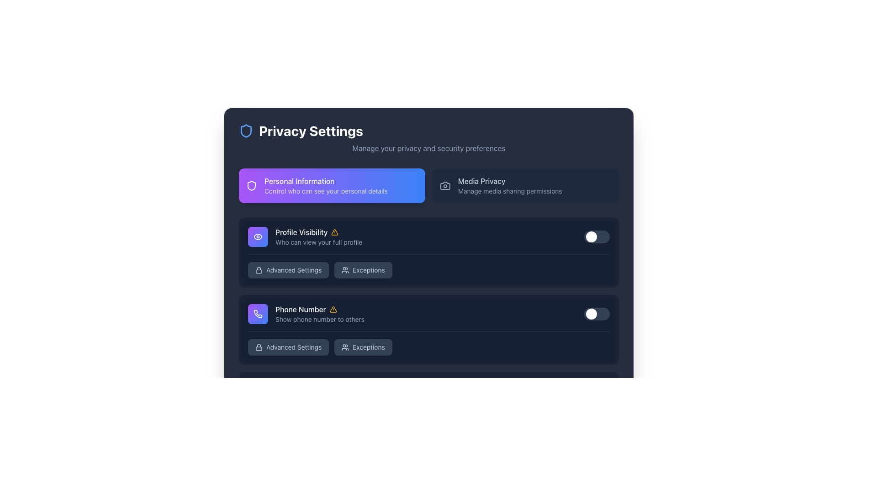  What do you see at coordinates (258, 269) in the screenshot?
I see `the padlock icon located to the left of the 'Advanced Settings' label in the 'Privacy Settings' section, which is styled with rounded edges and a light color against a dark blue background` at bounding box center [258, 269].